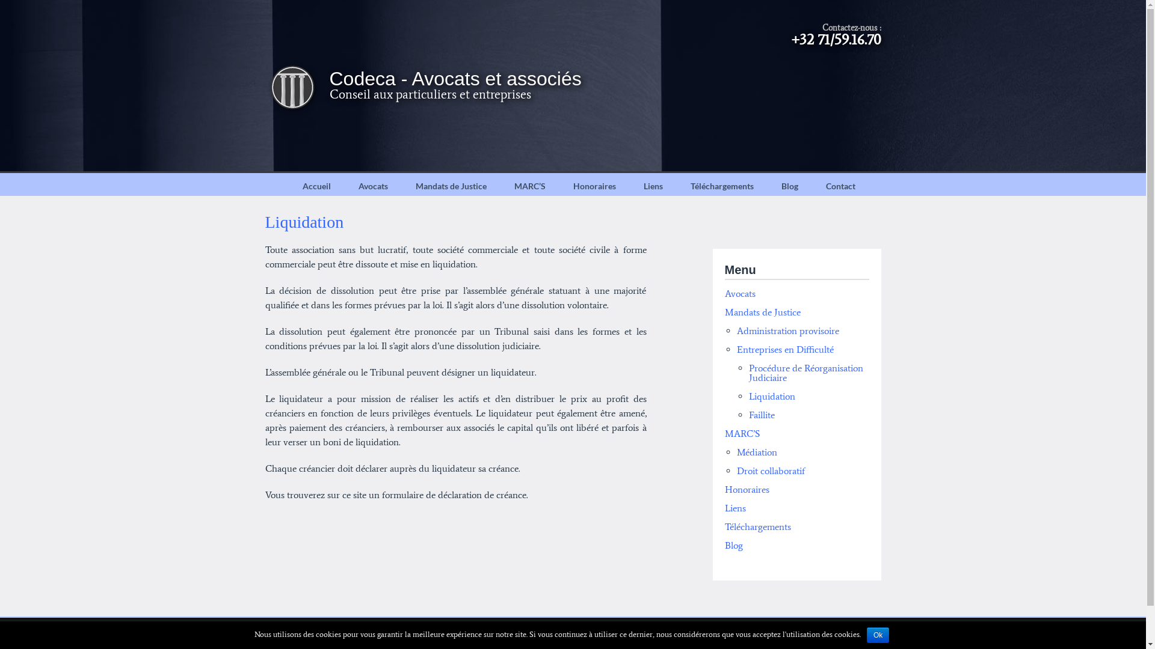  Describe the element at coordinates (790, 186) in the screenshot. I see `'Blog'` at that location.